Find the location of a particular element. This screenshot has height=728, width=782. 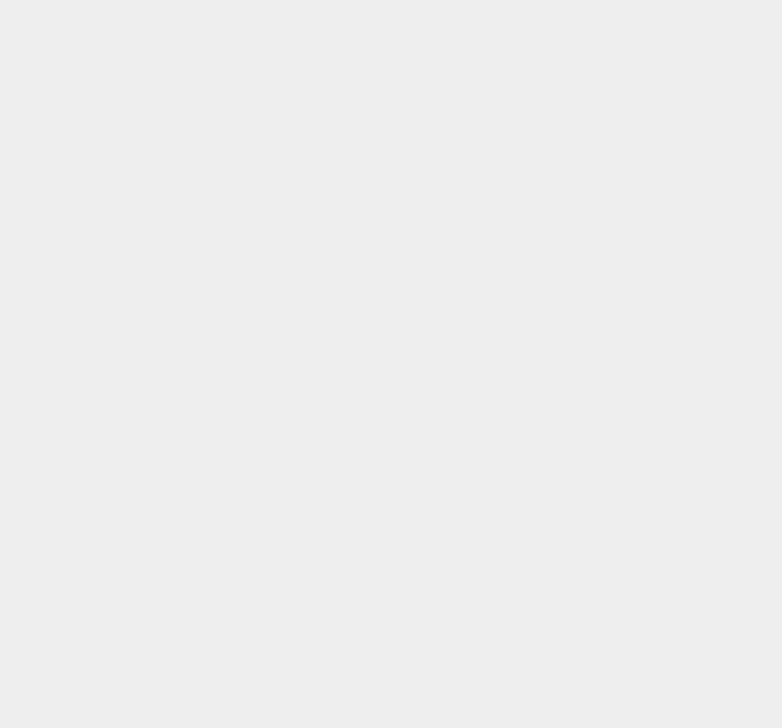

'iPhone 5C' is located at coordinates (573, 78).